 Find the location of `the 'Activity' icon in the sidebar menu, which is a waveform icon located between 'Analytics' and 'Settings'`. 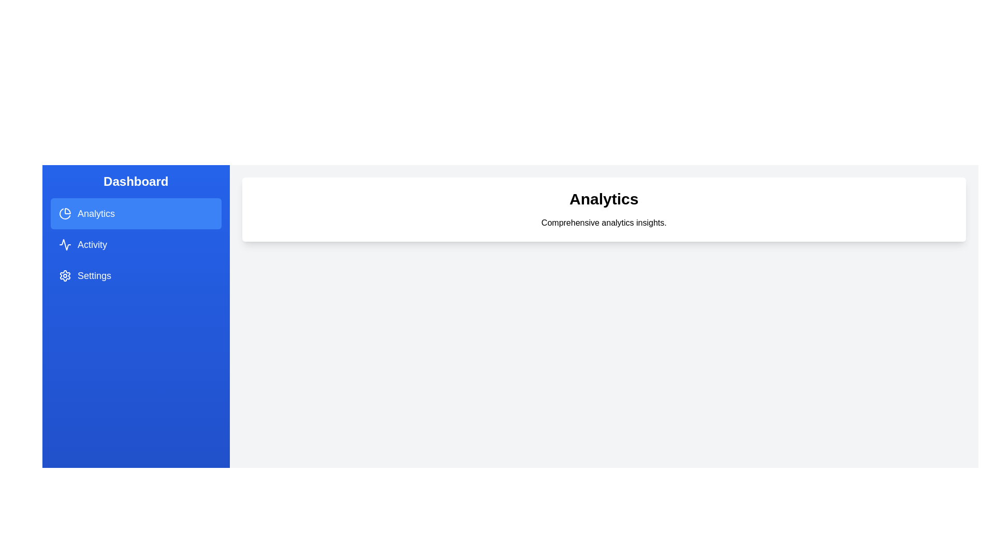

the 'Activity' icon in the sidebar menu, which is a waveform icon located between 'Analytics' and 'Settings' is located at coordinates (64, 245).